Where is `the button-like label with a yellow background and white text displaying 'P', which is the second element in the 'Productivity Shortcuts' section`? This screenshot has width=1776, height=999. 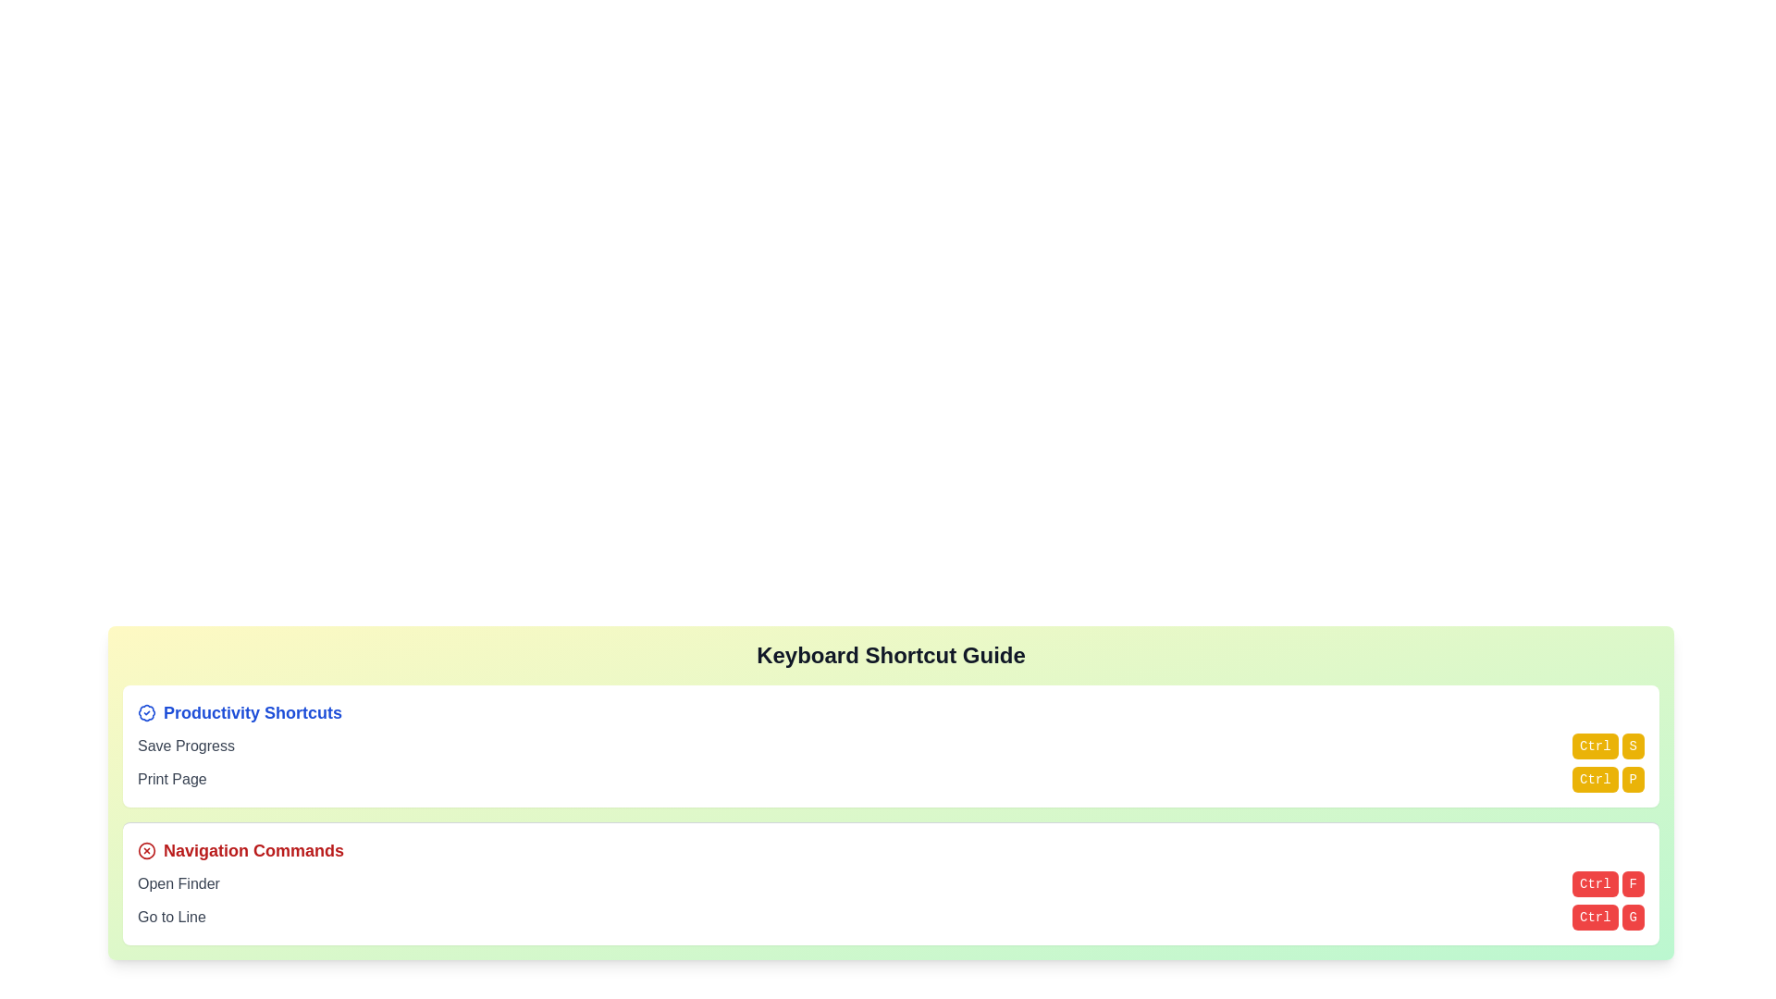 the button-like label with a yellow background and white text displaying 'P', which is the second element in the 'Productivity Shortcuts' section is located at coordinates (1633, 780).